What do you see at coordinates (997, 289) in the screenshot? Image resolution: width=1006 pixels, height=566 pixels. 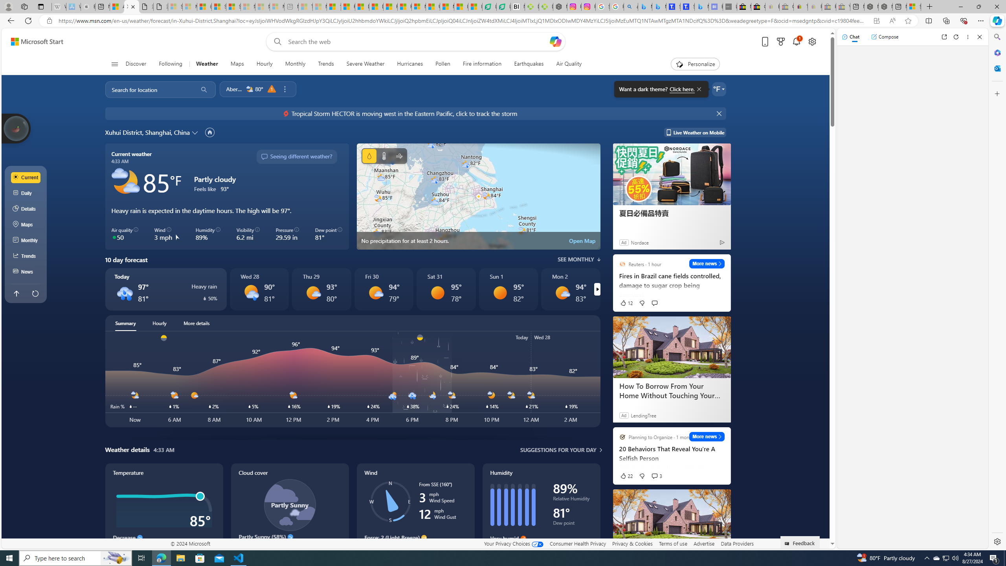 I see `'Side bar'` at bounding box center [997, 289].